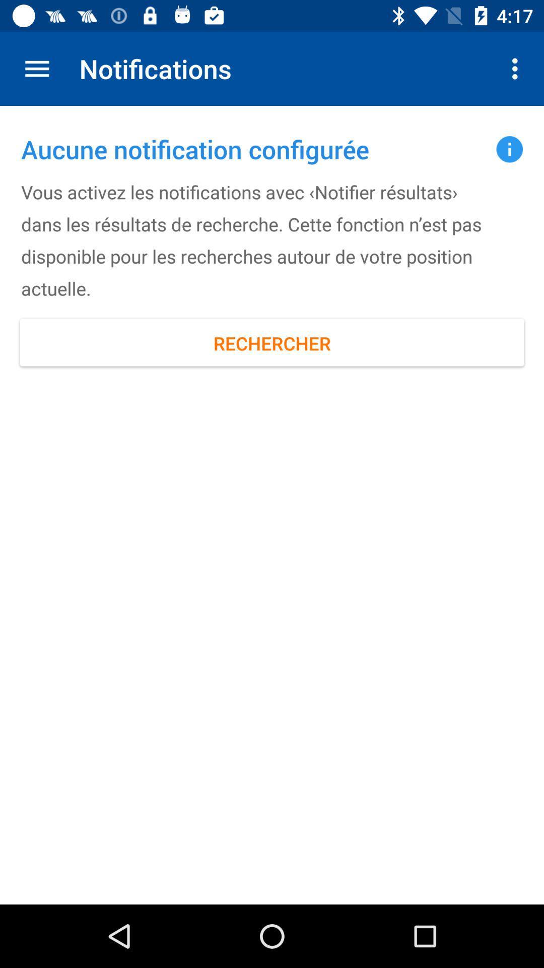 This screenshot has width=544, height=968. What do you see at coordinates (517, 68) in the screenshot?
I see `the item next to the notifications item` at bounding box center [517, 68].